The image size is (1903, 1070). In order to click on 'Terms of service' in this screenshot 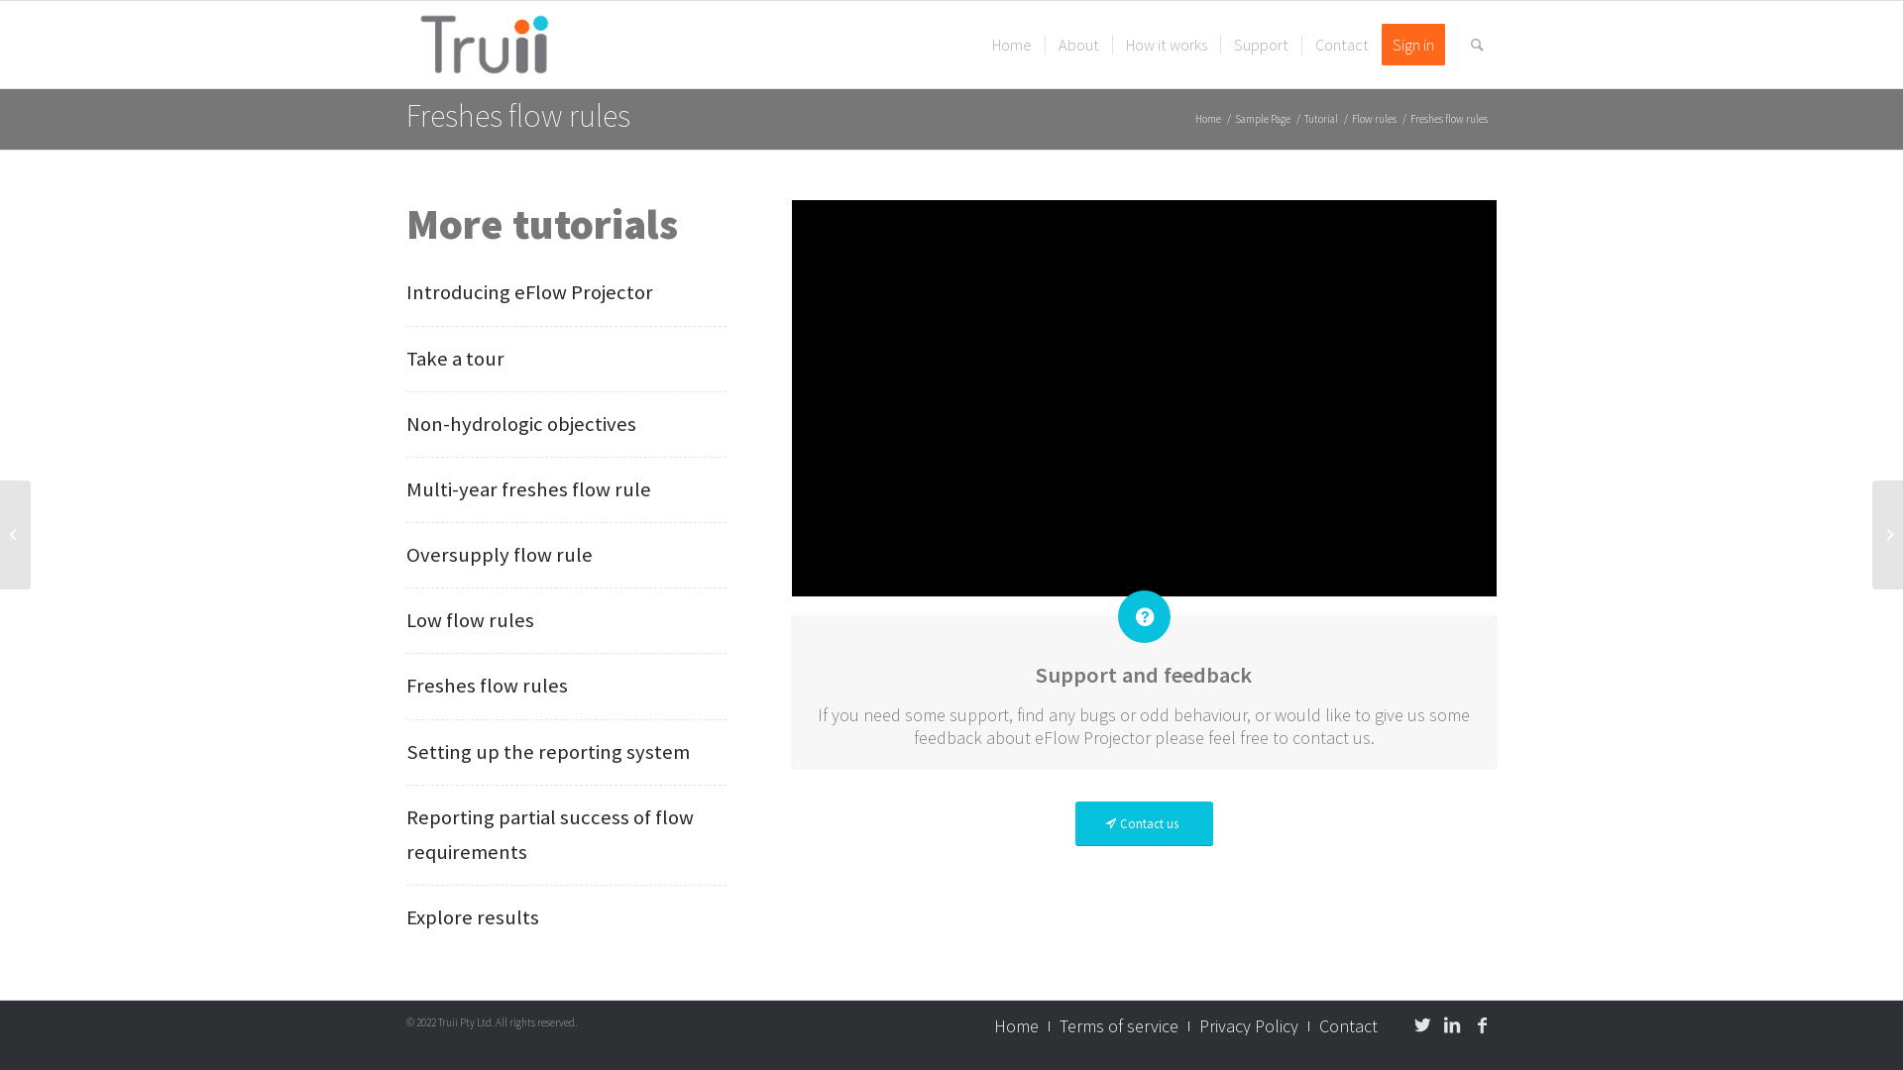, I will do `click(1118, 1025)`.